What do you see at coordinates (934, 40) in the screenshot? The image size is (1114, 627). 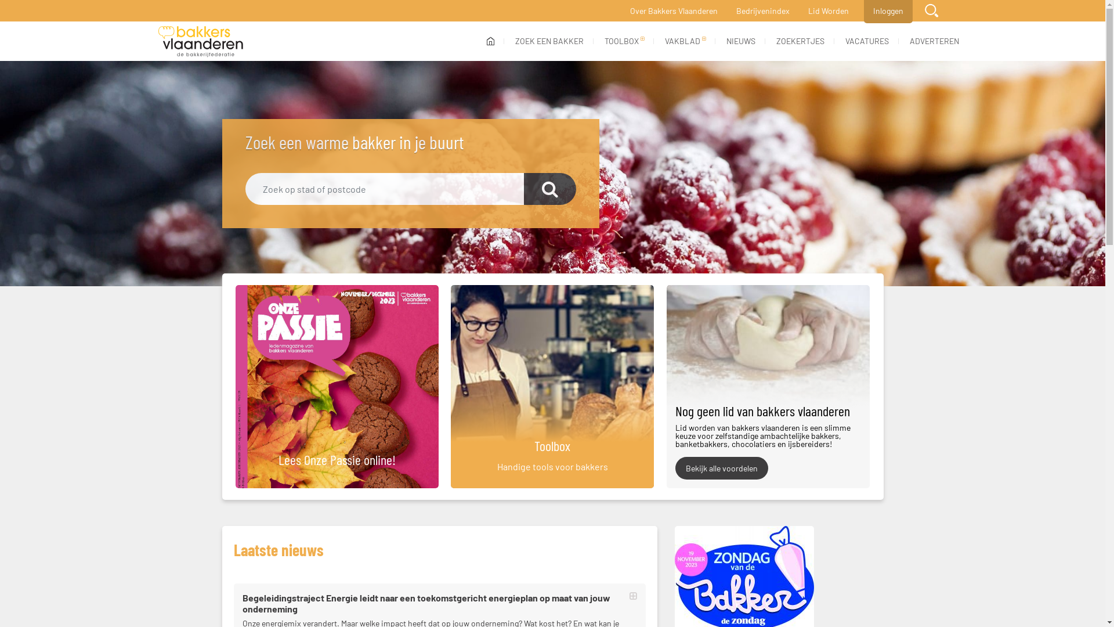 I see `'ADVERTEREN'` at bounding box center [934, 40].